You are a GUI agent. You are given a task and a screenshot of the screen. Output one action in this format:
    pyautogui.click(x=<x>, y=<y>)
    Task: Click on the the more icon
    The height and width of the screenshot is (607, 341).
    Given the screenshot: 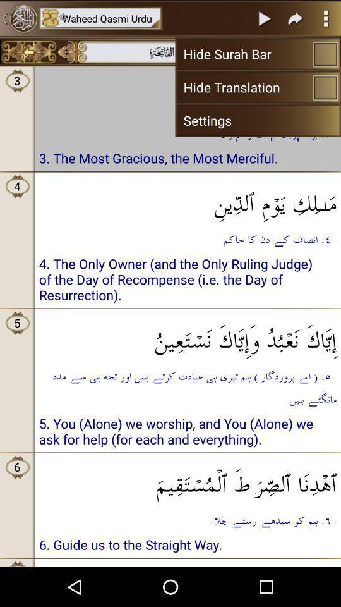 What is the action you would take?
    pyautogui.click(x=326, y=19)
    